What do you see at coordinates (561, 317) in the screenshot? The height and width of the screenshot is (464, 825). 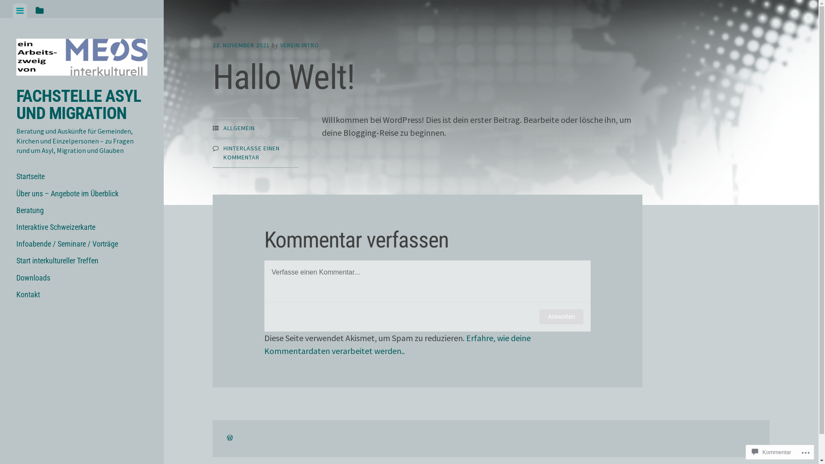 I see `'Antworten'` at bounding box center [561, 317].